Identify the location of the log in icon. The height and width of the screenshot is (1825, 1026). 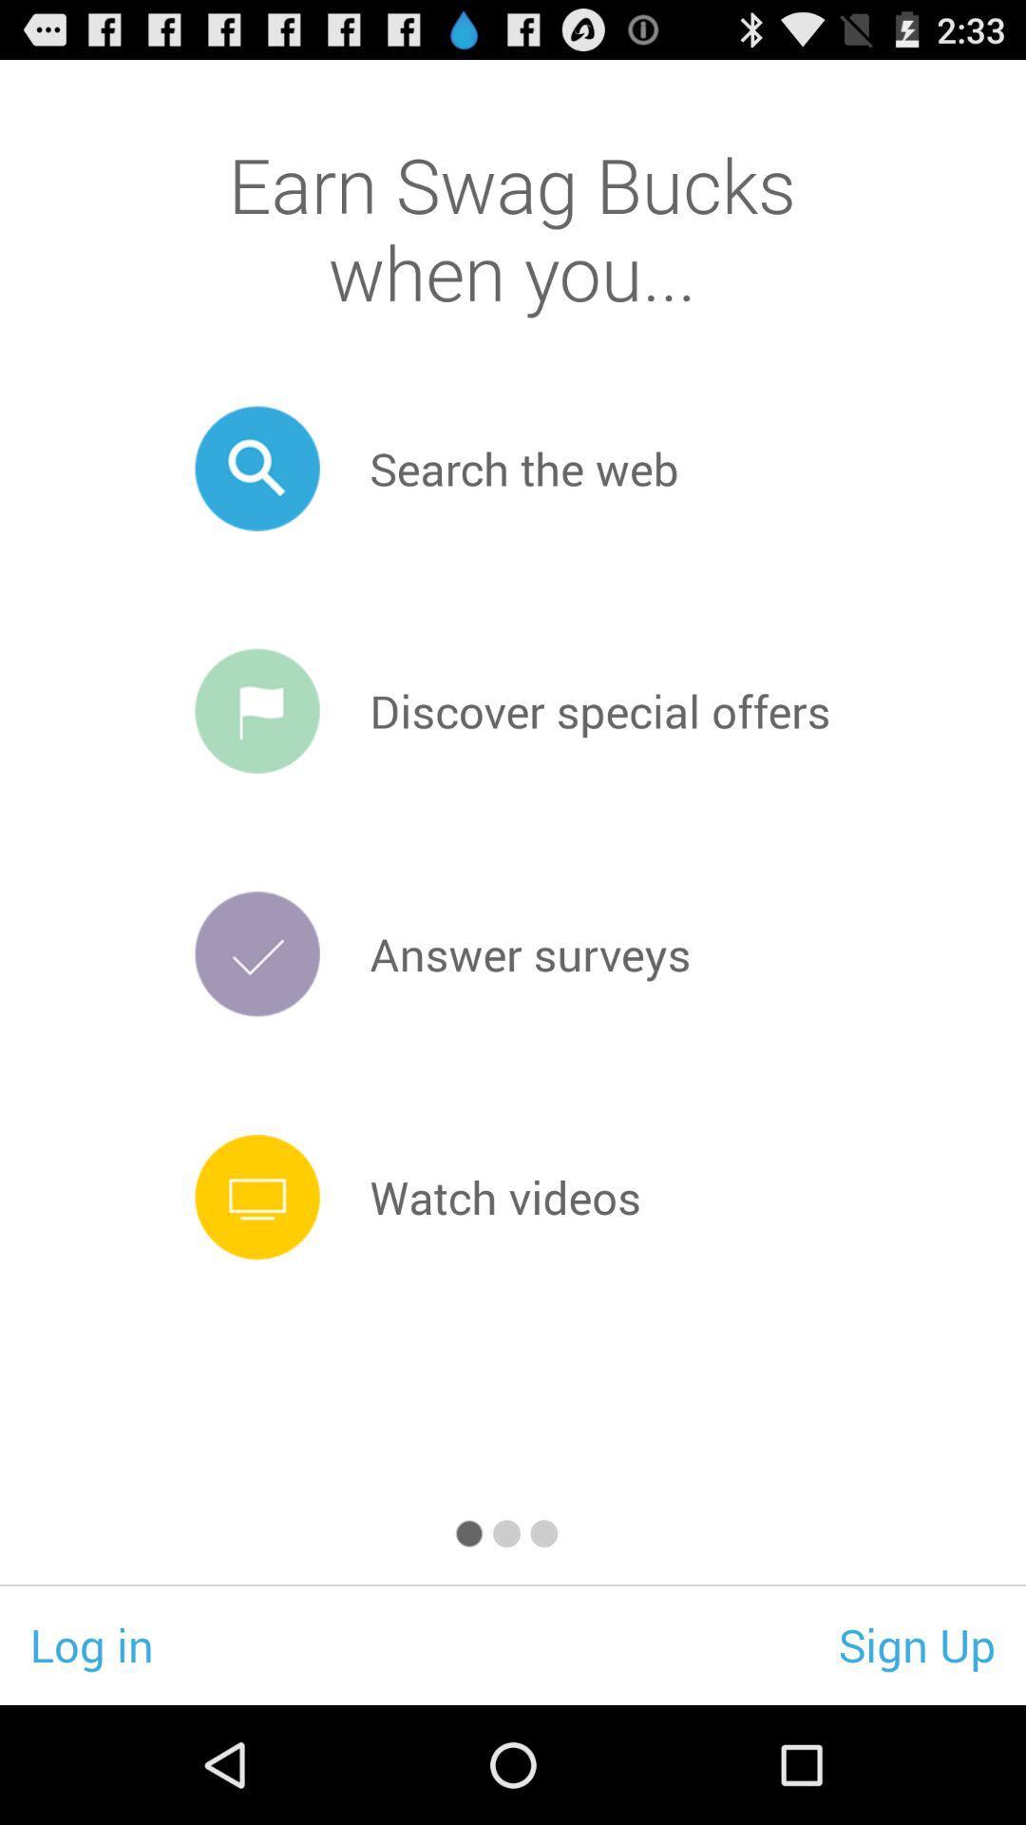
(91, 1643).